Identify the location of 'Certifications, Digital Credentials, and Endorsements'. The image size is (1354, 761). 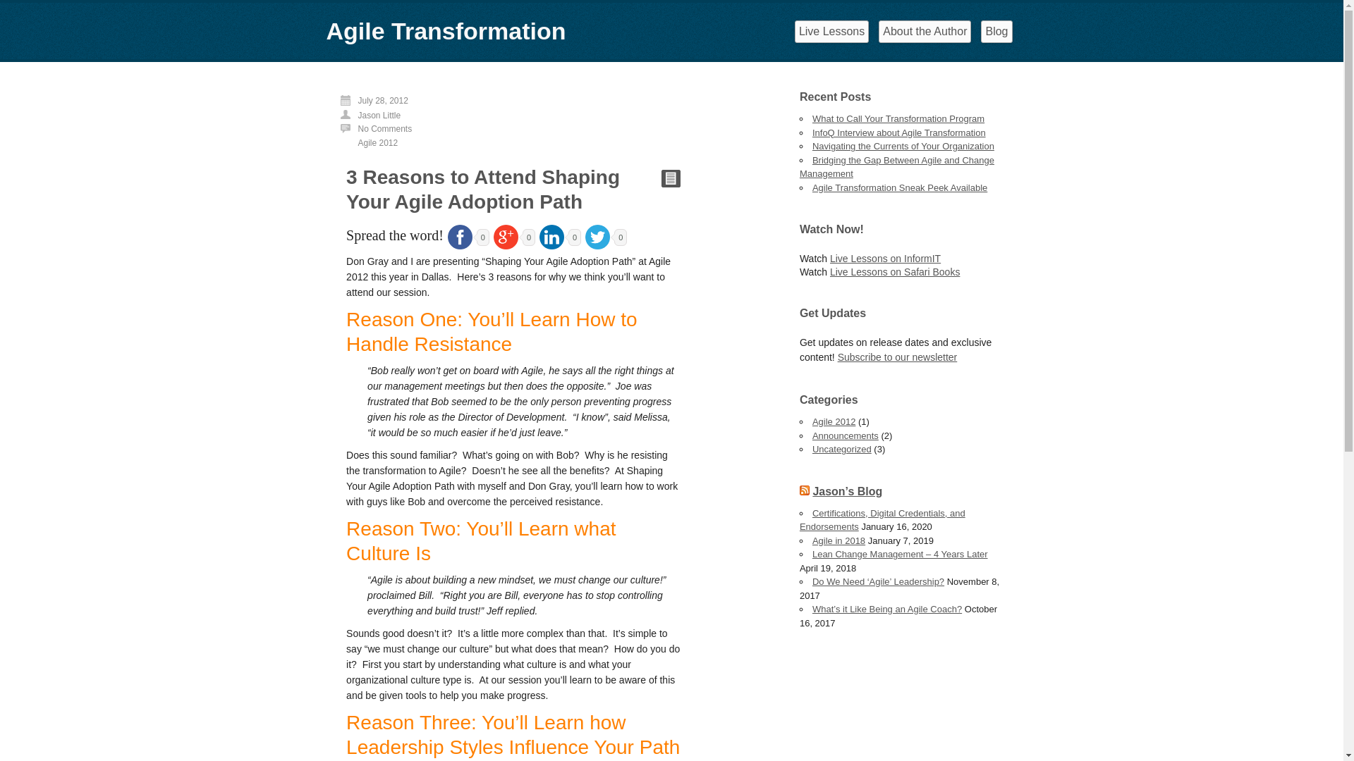
(882, 519).